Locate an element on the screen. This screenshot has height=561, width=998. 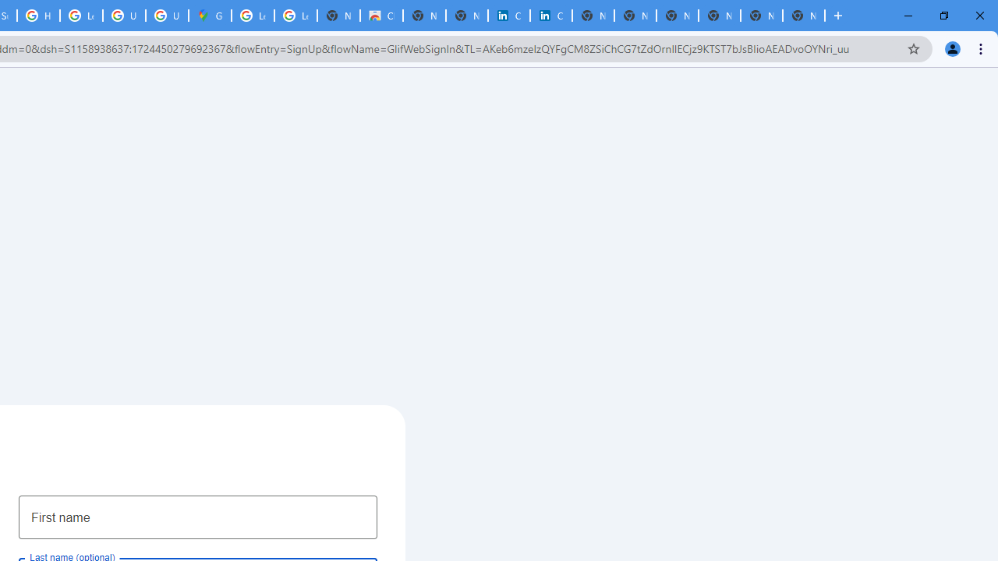
'Cookie Policy | LinkedIn' is located at coordinates (550, 16).